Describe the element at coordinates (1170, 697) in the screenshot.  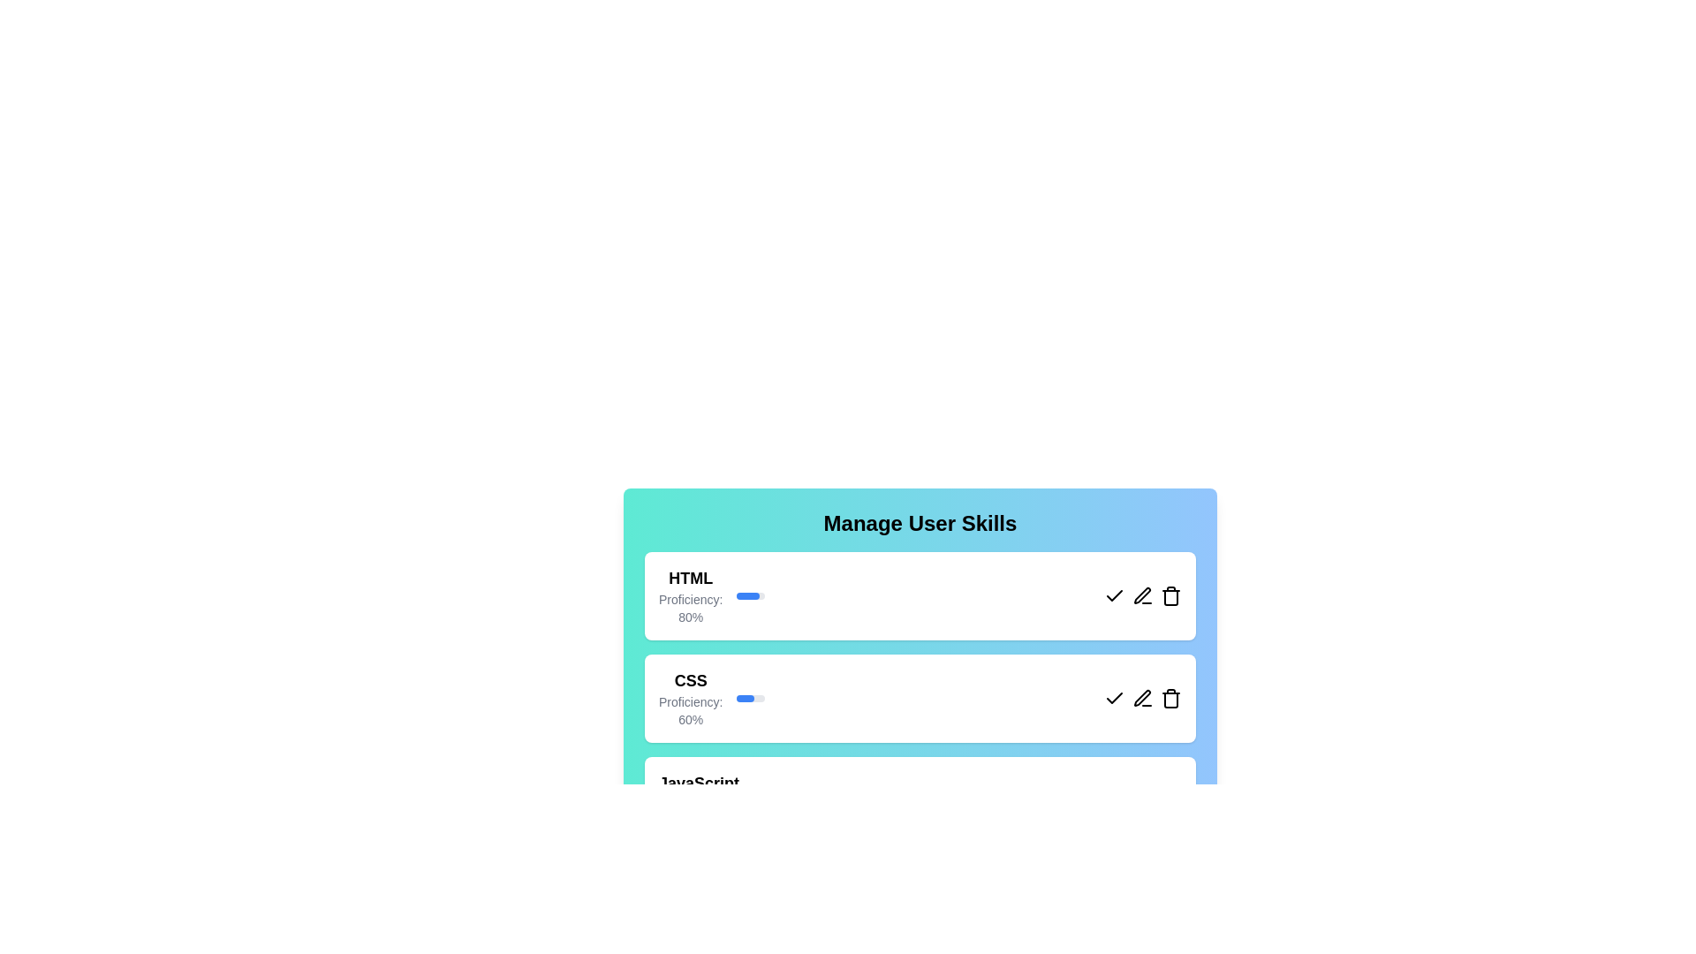
I see `the delete button for the skill CSS` at that location.